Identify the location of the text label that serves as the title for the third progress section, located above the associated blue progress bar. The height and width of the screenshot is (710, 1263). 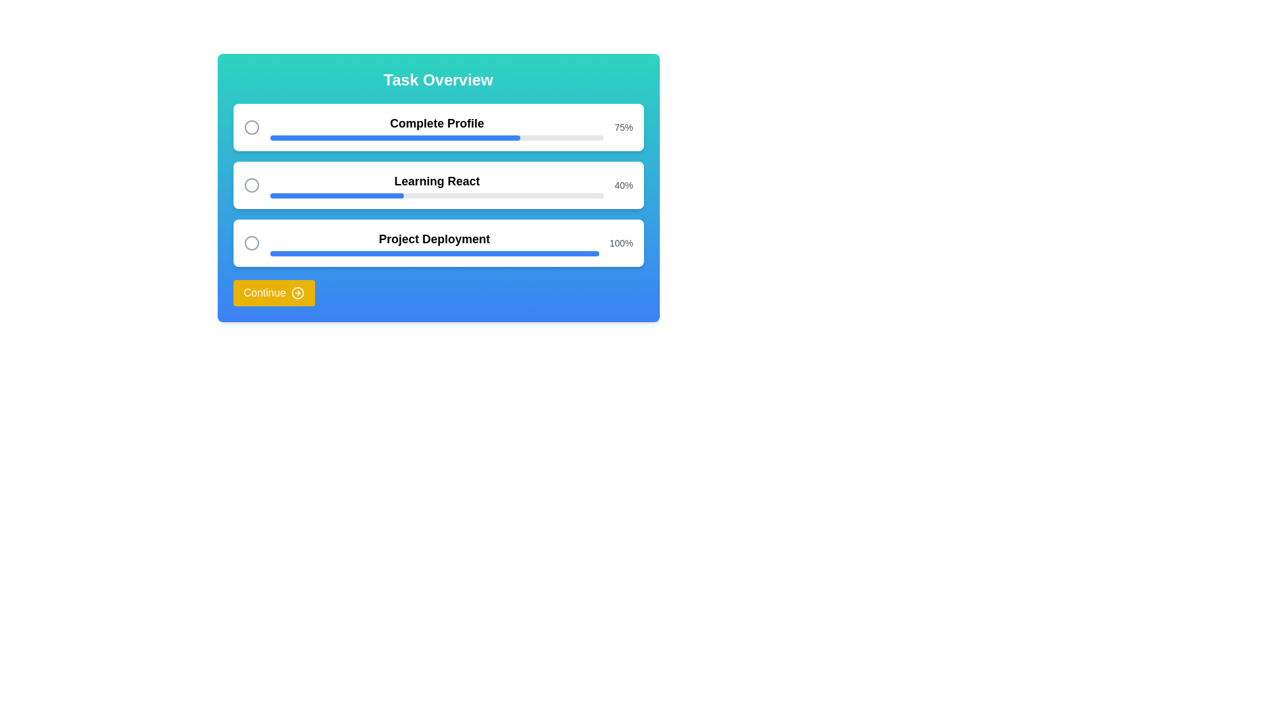
(434, 239).